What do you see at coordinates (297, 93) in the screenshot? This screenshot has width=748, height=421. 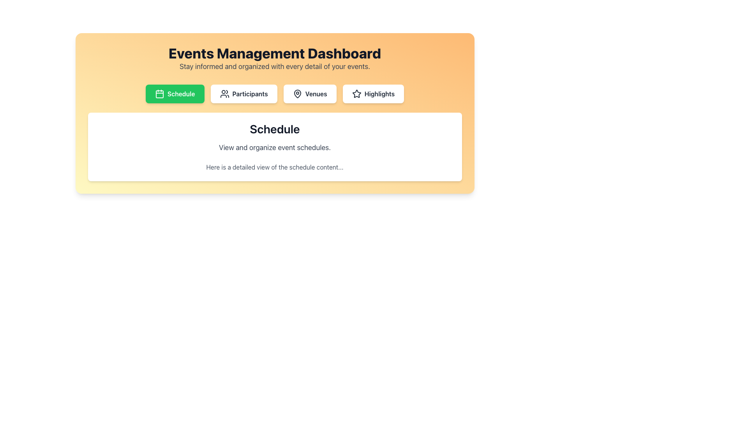 I see `the stylized location pin icon located within the 'Venues' button, positioned to the left of the text 'Venues'` at bounding box center [297, 93].